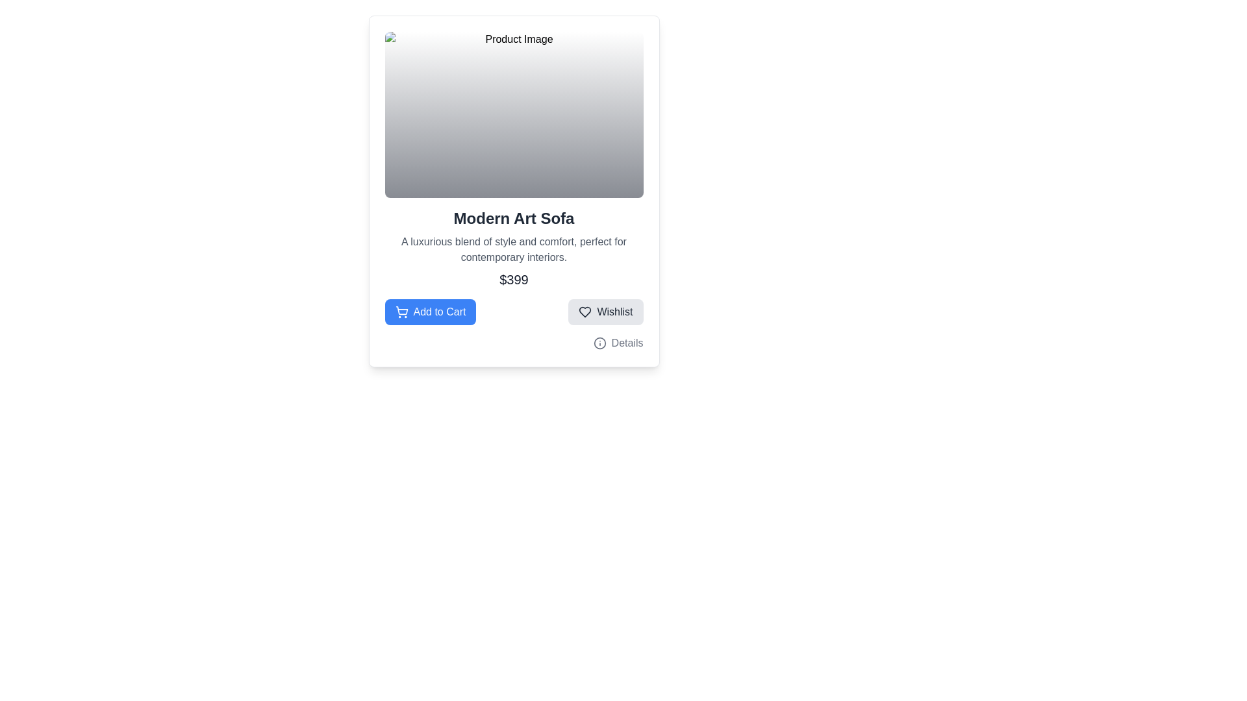 The height and width of the screenshot is (701, 1247). I want to click on the 'Details' text label, so click(627, 342).